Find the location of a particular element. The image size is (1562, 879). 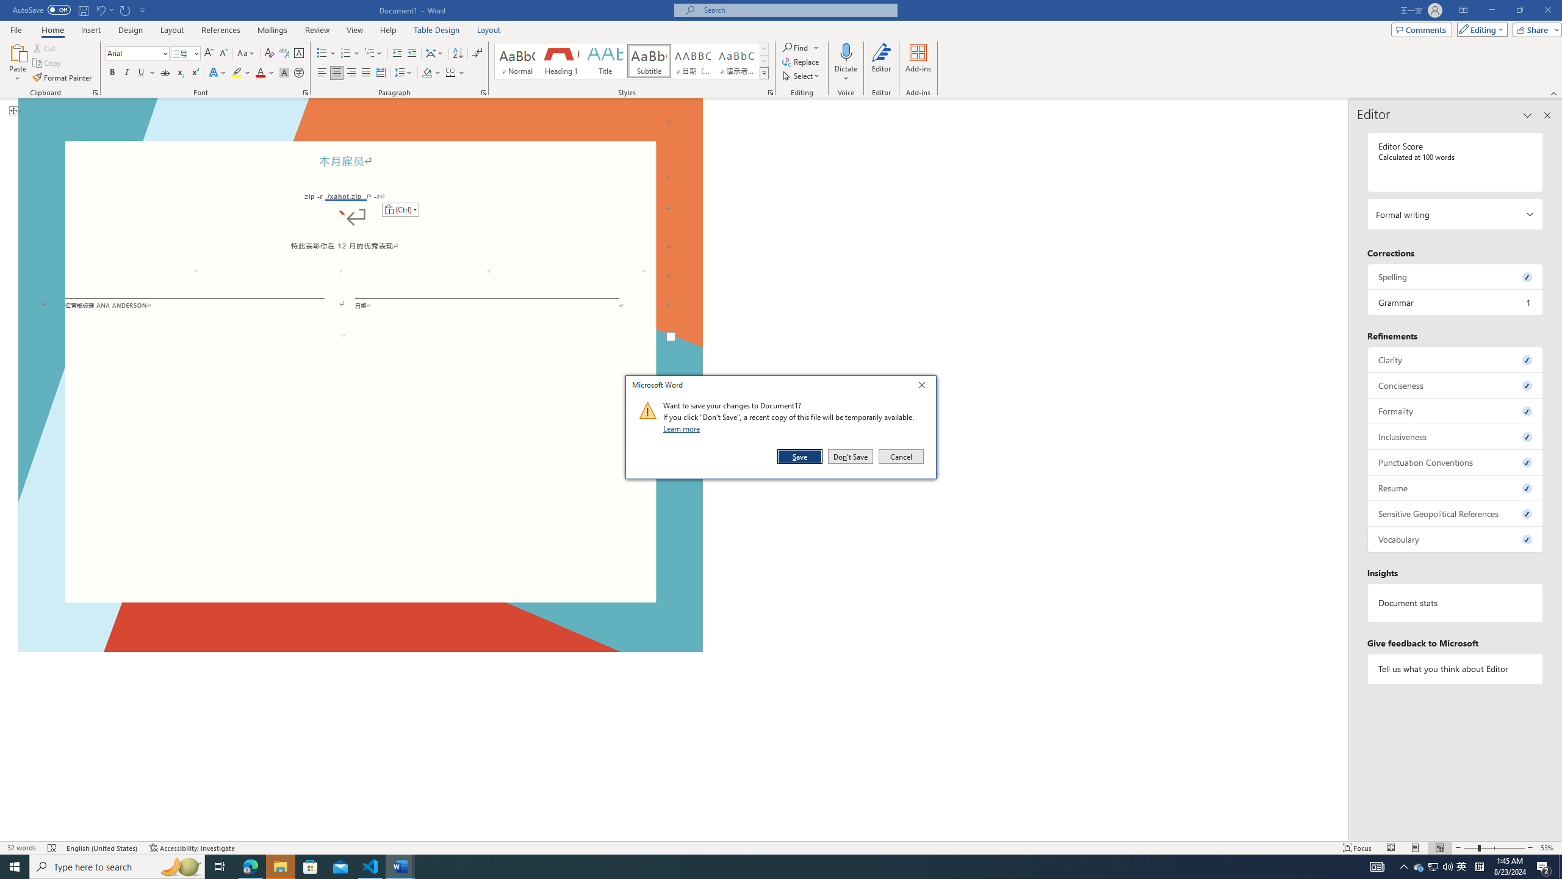

'Font Size' is located at coordinates (185, 53).